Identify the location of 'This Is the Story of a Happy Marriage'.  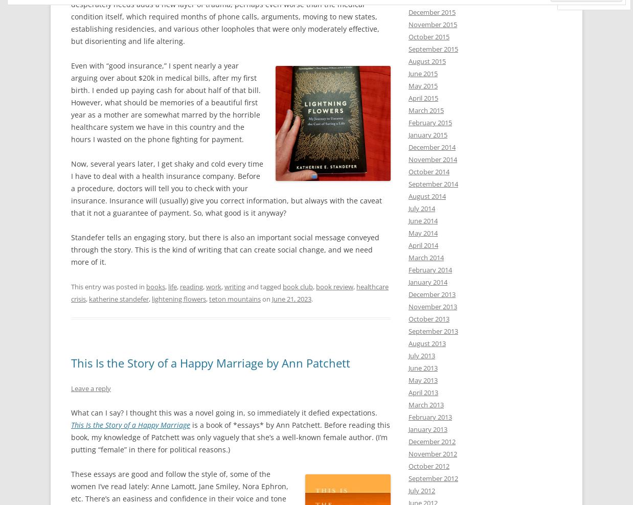
(130, 424).